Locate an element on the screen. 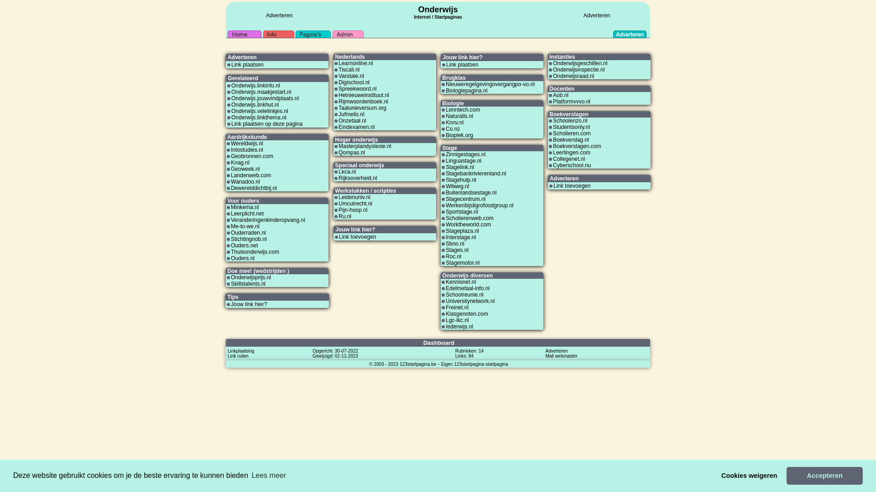 The image size is (876, 492). 'Onderwijsprijs.nl' is located at coordinates (251, 277).